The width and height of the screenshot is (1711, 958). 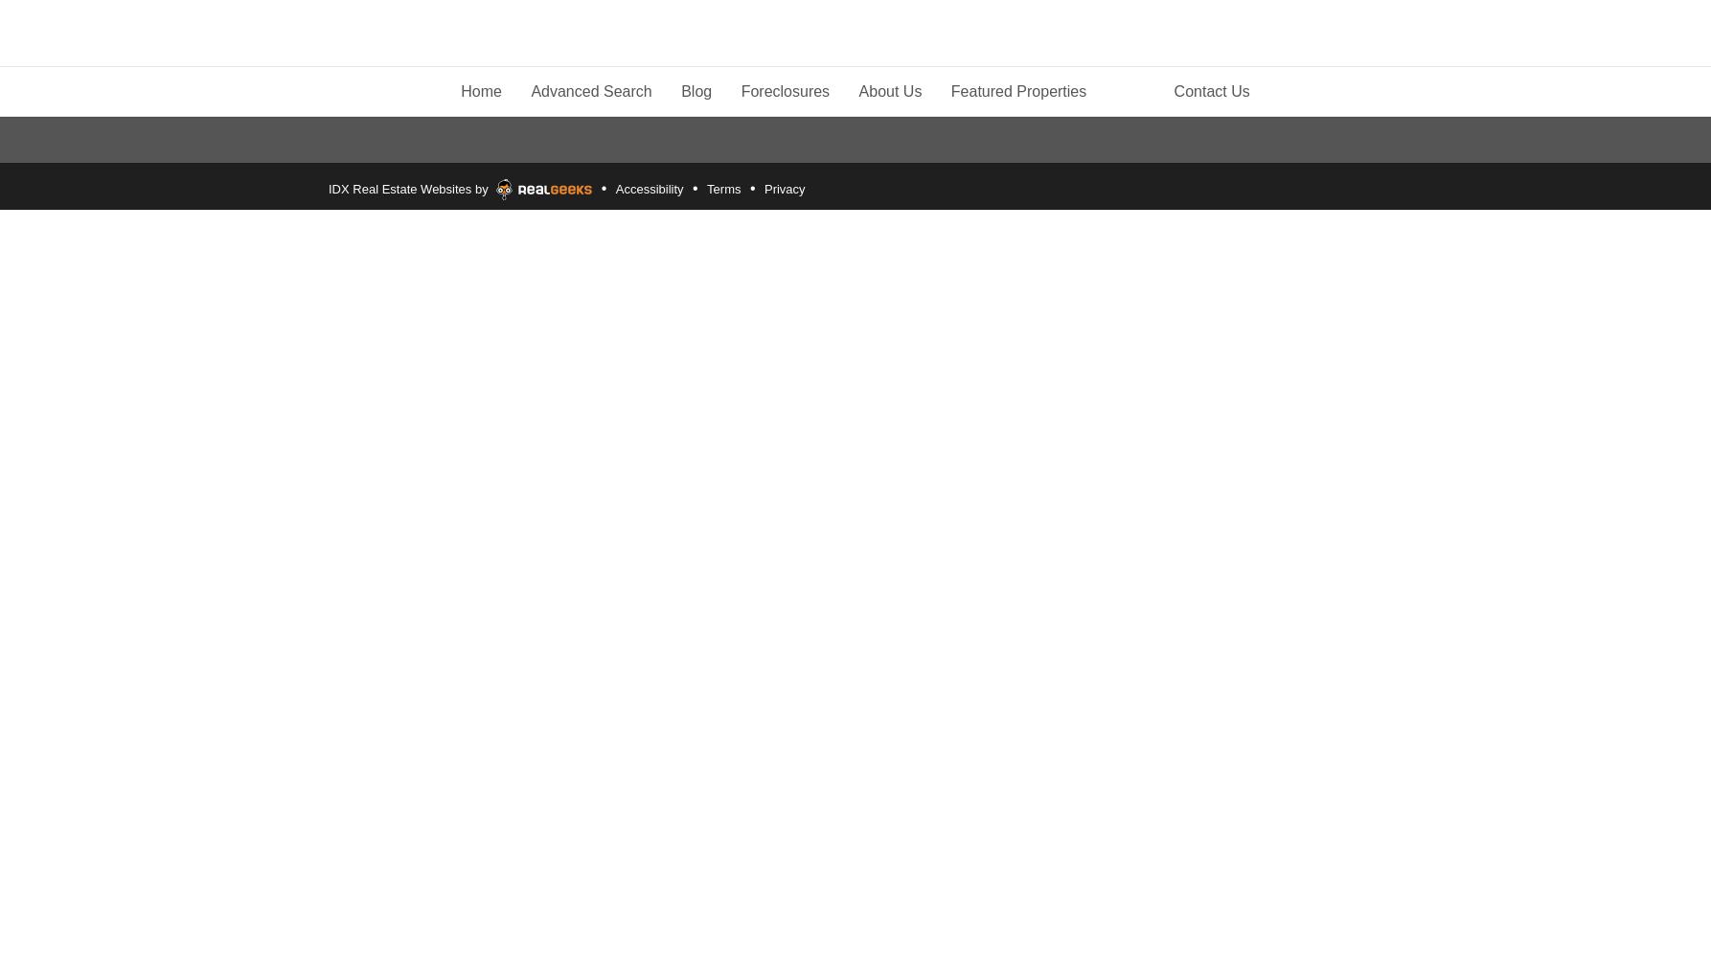 What do you see at coordinates (890, 89) in the screenshot?
I see `'About Us'` at bounding box center [890, 89].